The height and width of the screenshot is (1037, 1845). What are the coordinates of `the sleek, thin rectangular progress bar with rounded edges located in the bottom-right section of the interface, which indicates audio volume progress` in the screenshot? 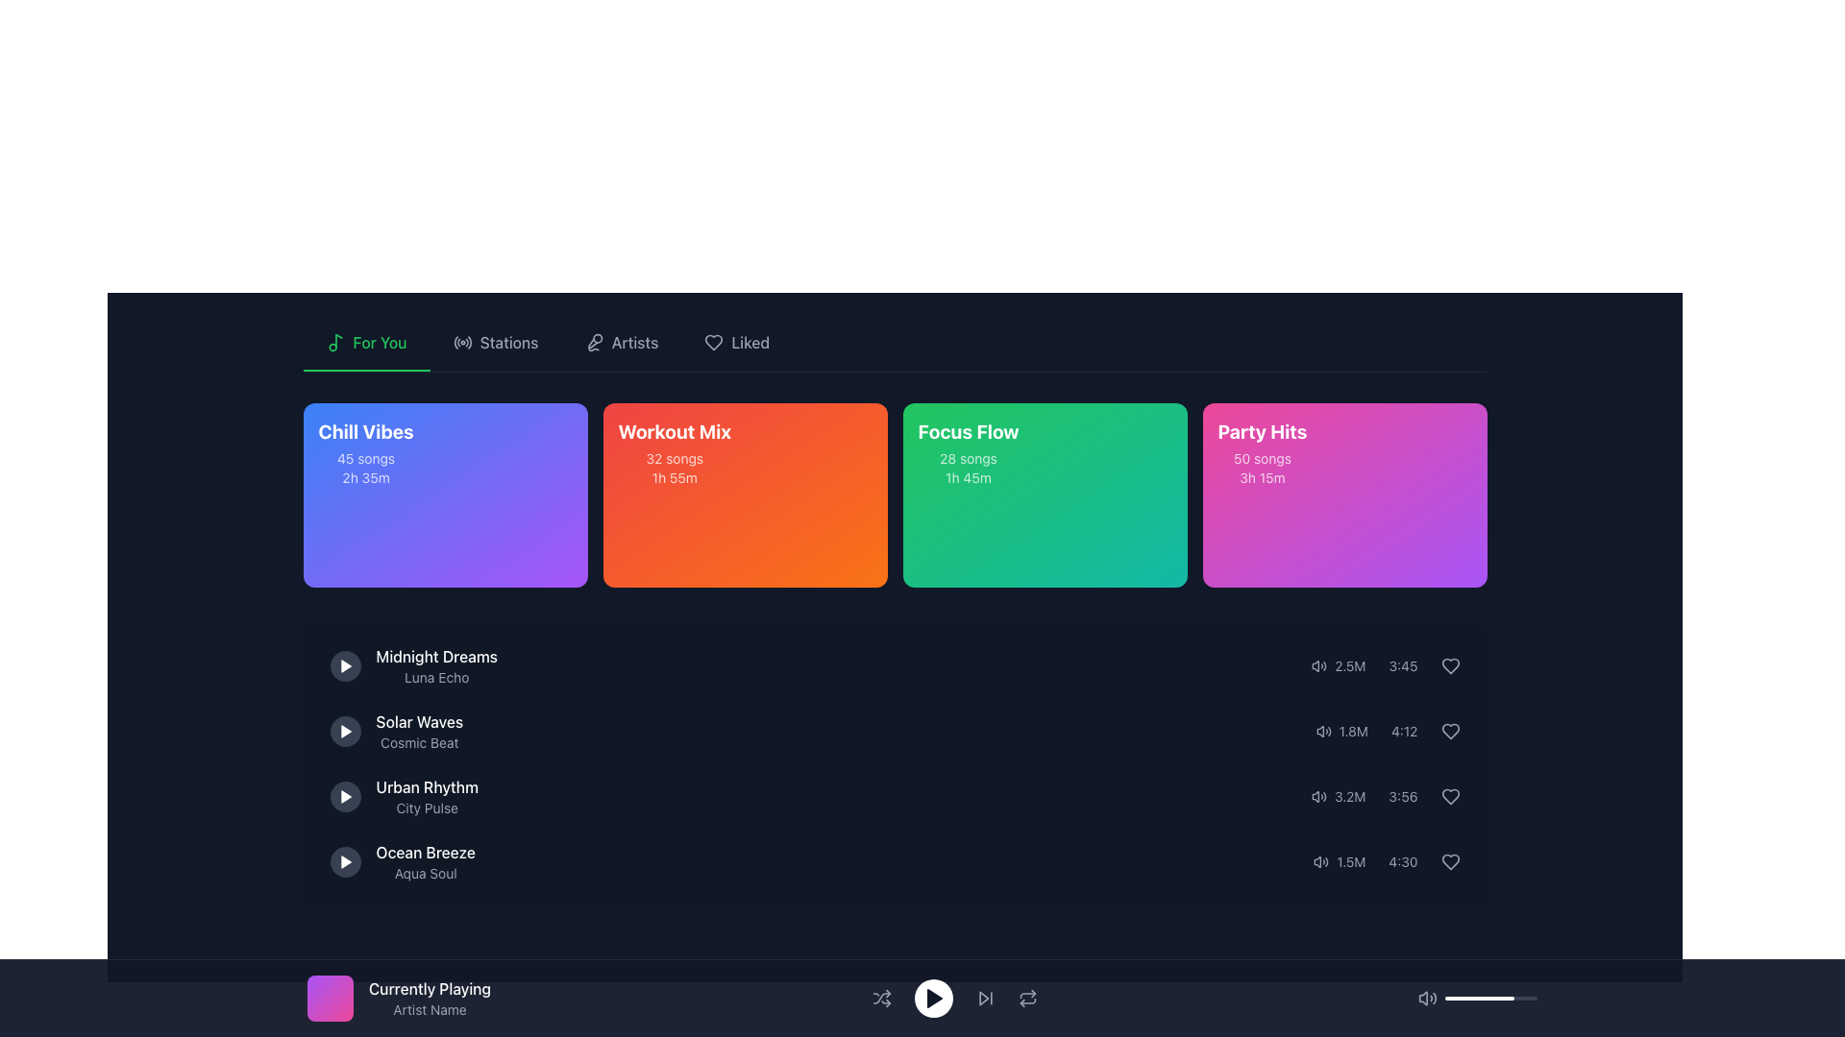 It's located at (1489, 998).